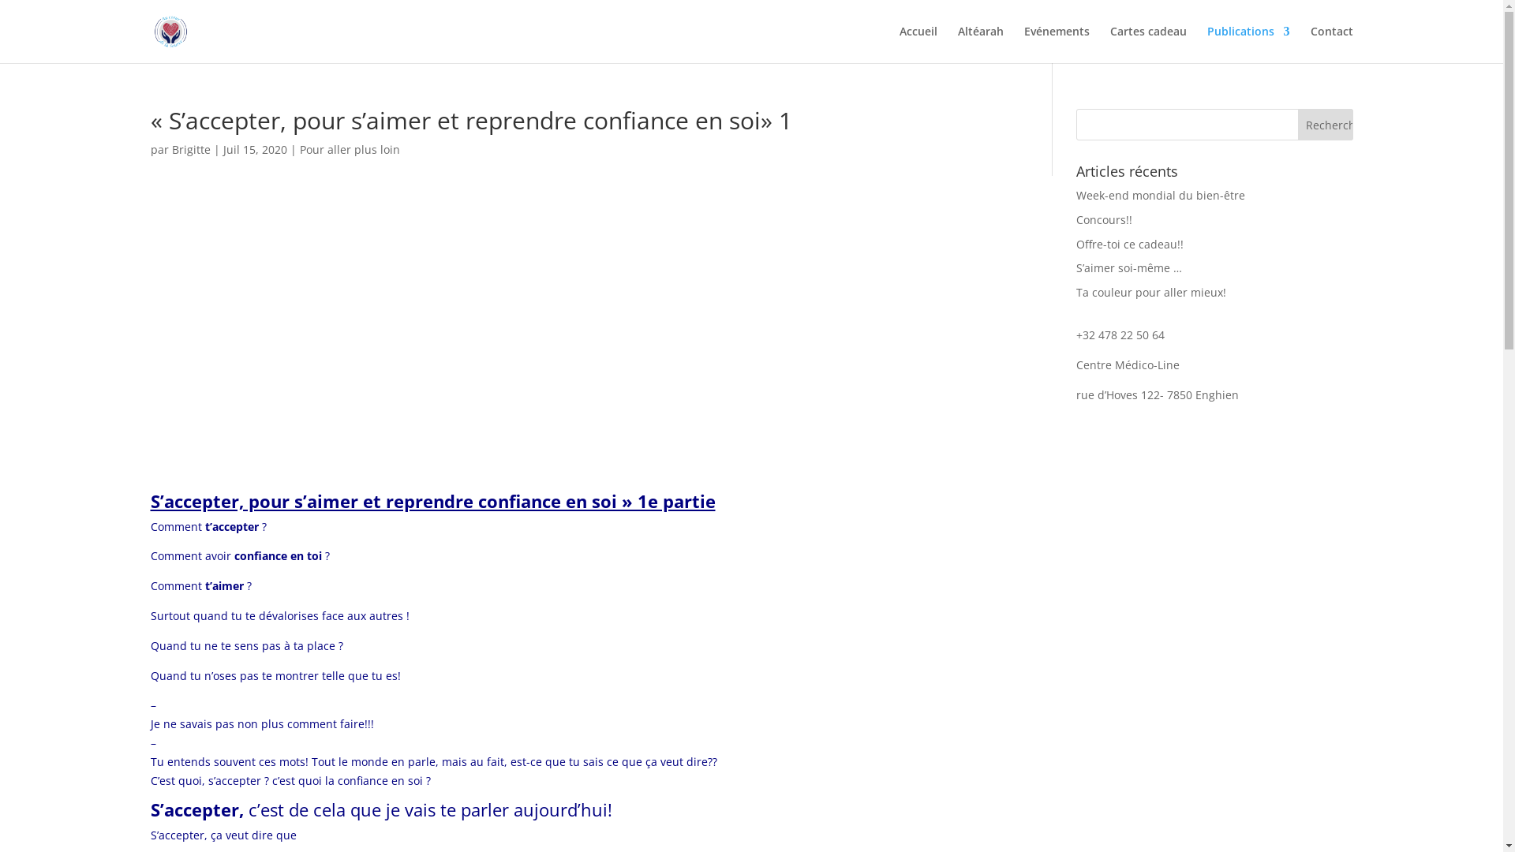  What do you see at coordinates (1248, 43) in the screenshot?
I see `'Publications'` at bounding box center [1248, 43].